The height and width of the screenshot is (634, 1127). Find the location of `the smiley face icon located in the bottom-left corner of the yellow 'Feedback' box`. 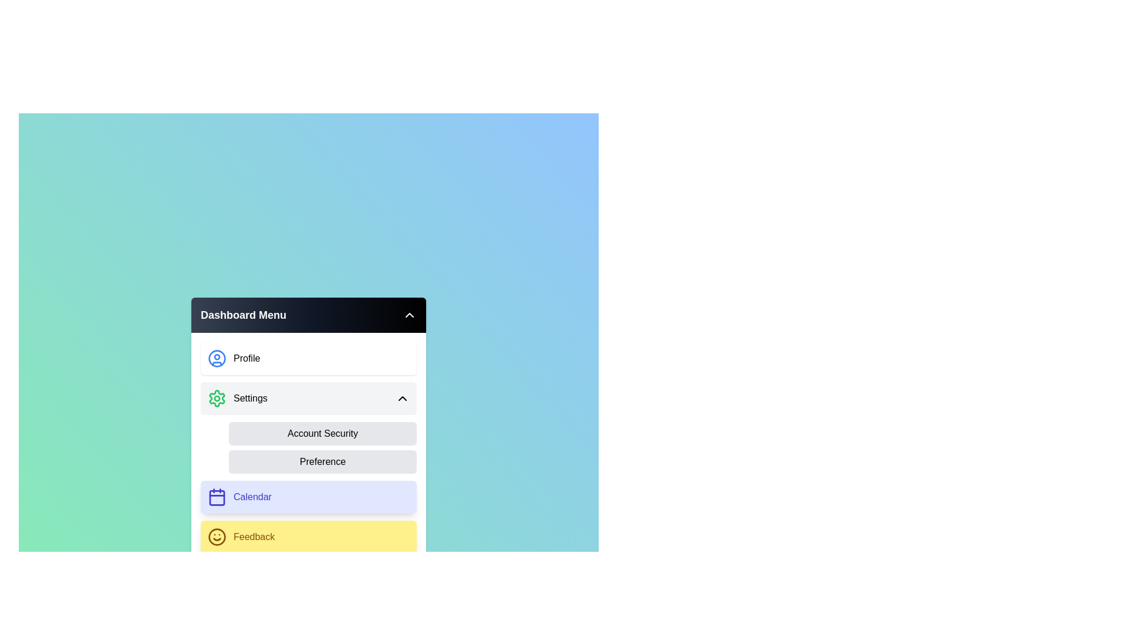

the smiley face icon located in the bottom-left corner of the yellow 'Feedback' box is located at coordinates (217, 537).